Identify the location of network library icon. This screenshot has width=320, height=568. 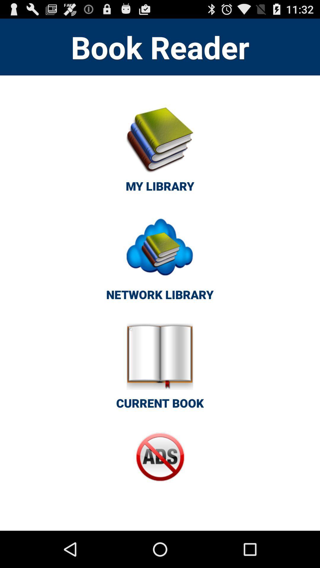
(159, 261).